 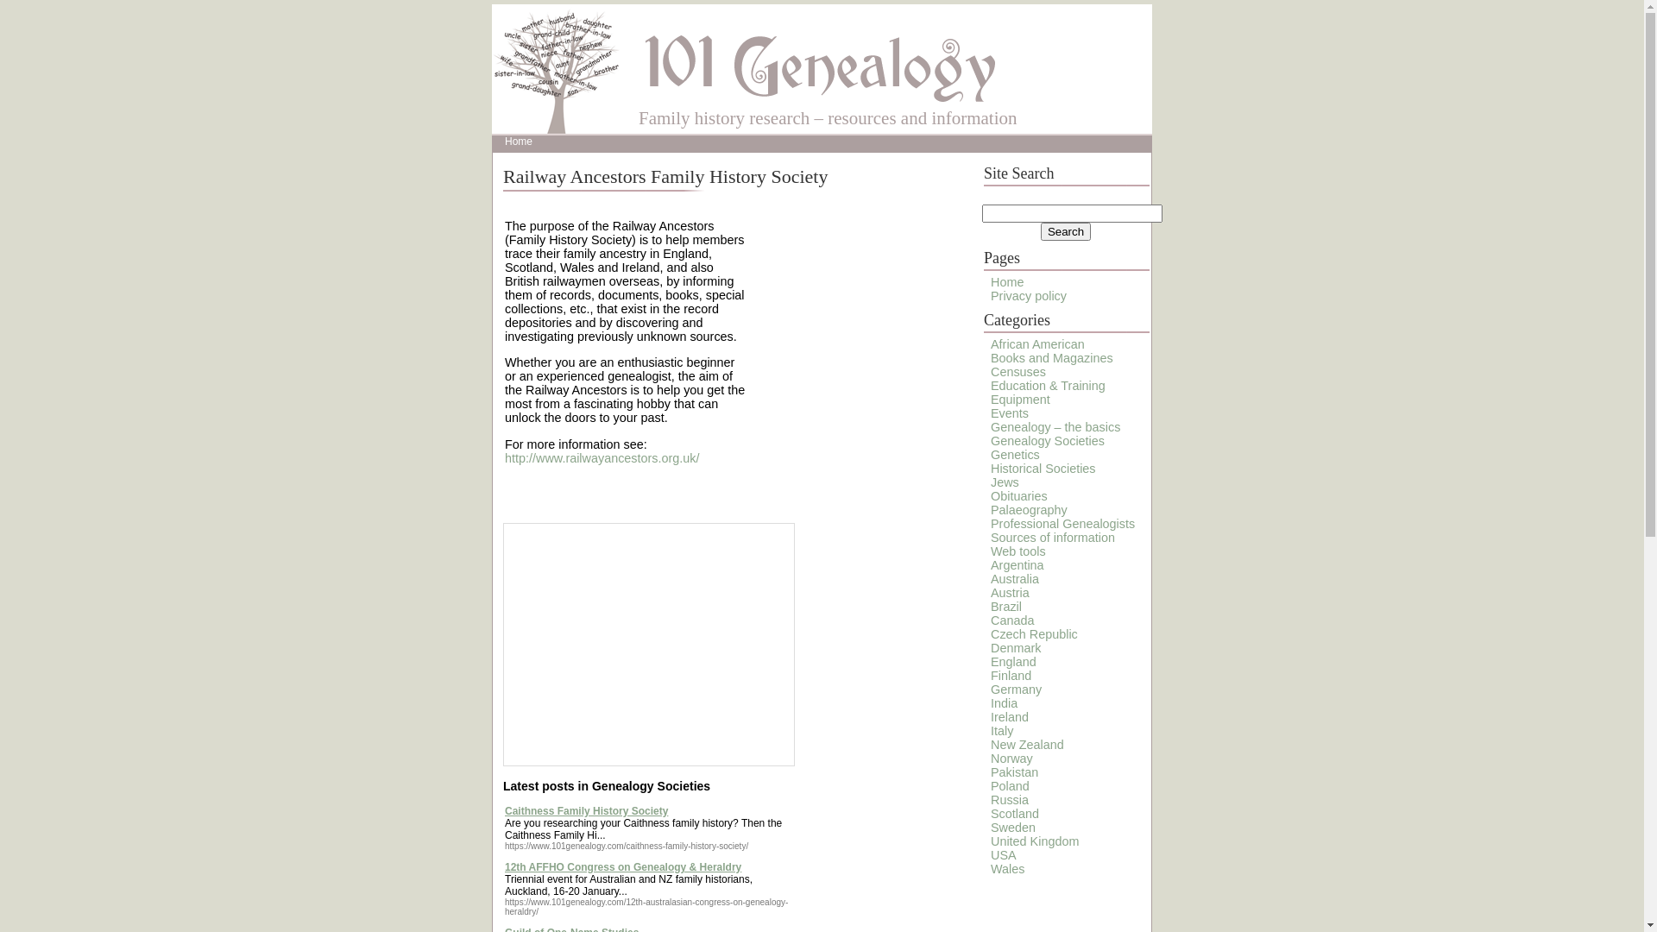 I want to click on 'Sources of information', so click(x=1051, y=537).